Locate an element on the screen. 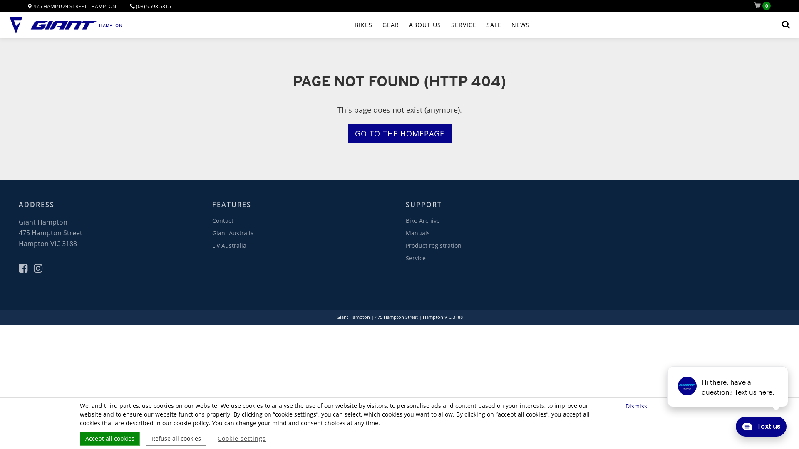 The width and height of the screenshot is (799, 449). 'ABOUT US' is located at coordinates (425, 25).